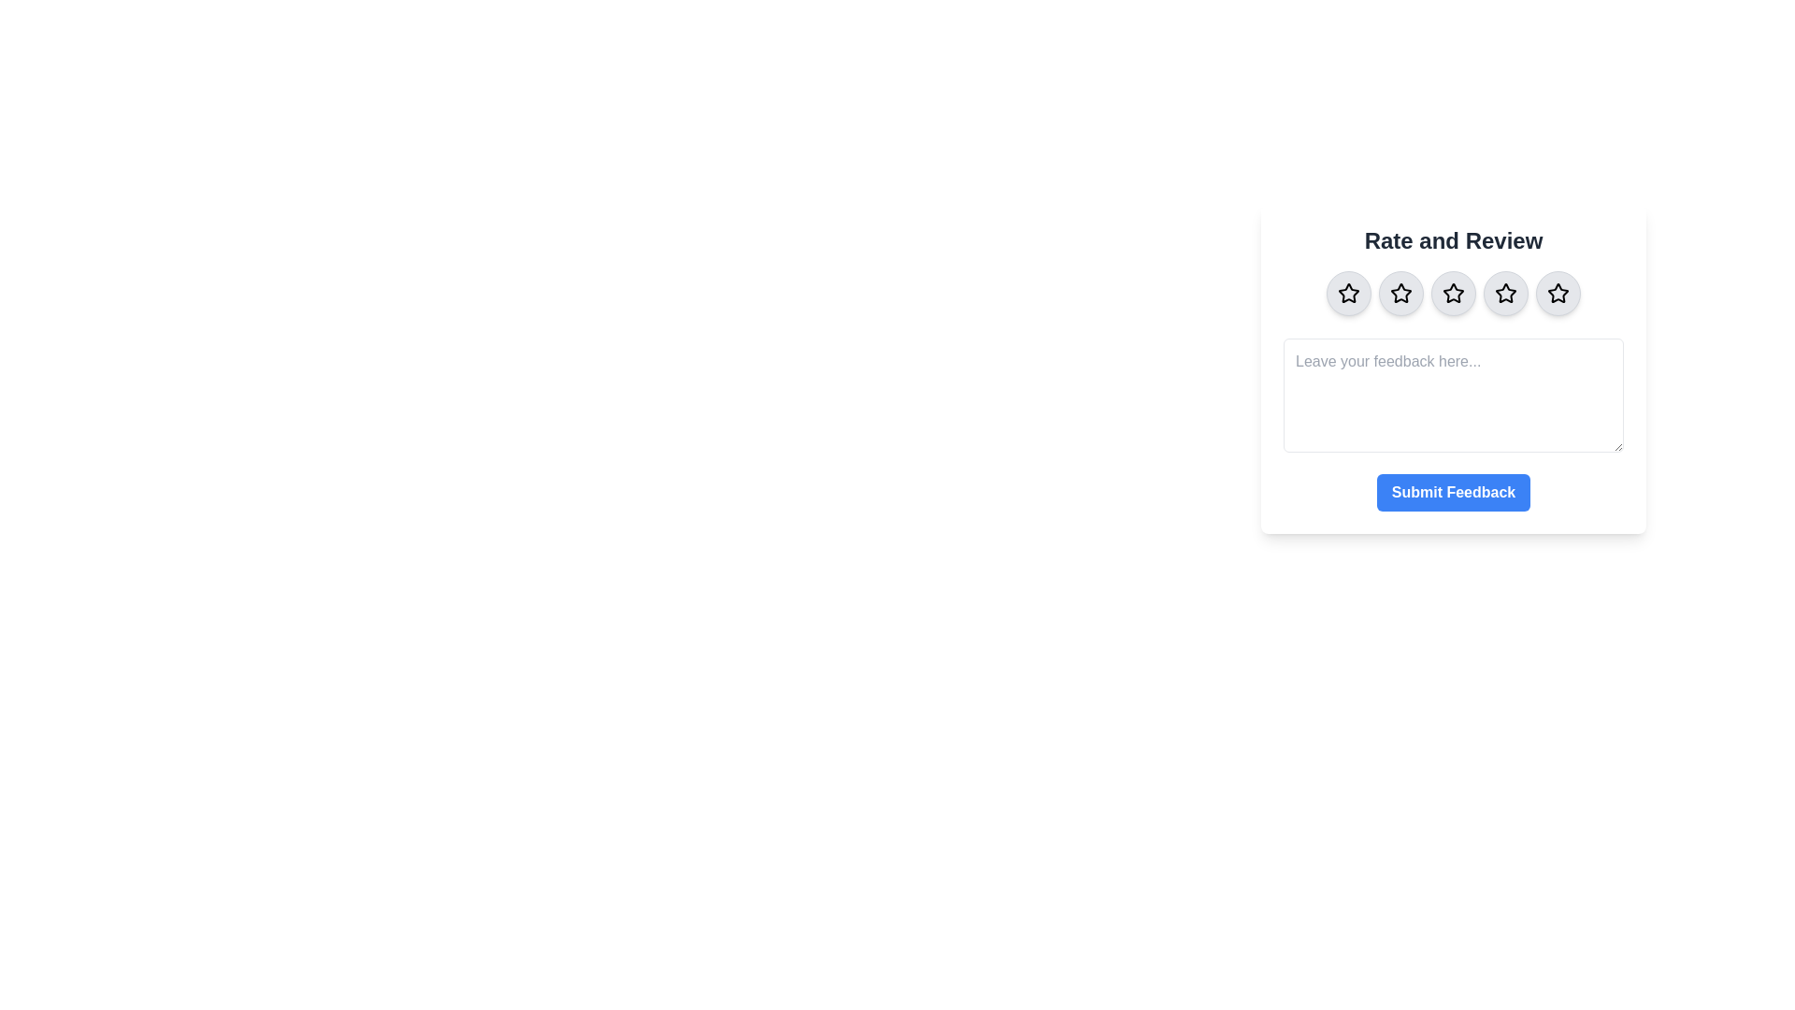 The width and height of the screenshot is (1795, 1010). What do you see at coordinates (1349, 293) in the screenshot?
I see `the first circular rating button with a star icon in the feedback section under the title 'Rate and Review'` at bounding box center [1349, 293].